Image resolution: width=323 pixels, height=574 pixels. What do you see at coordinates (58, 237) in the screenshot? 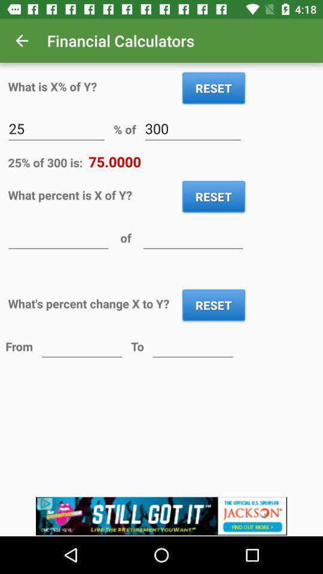
I see `value` at bounding box center [58, 237].